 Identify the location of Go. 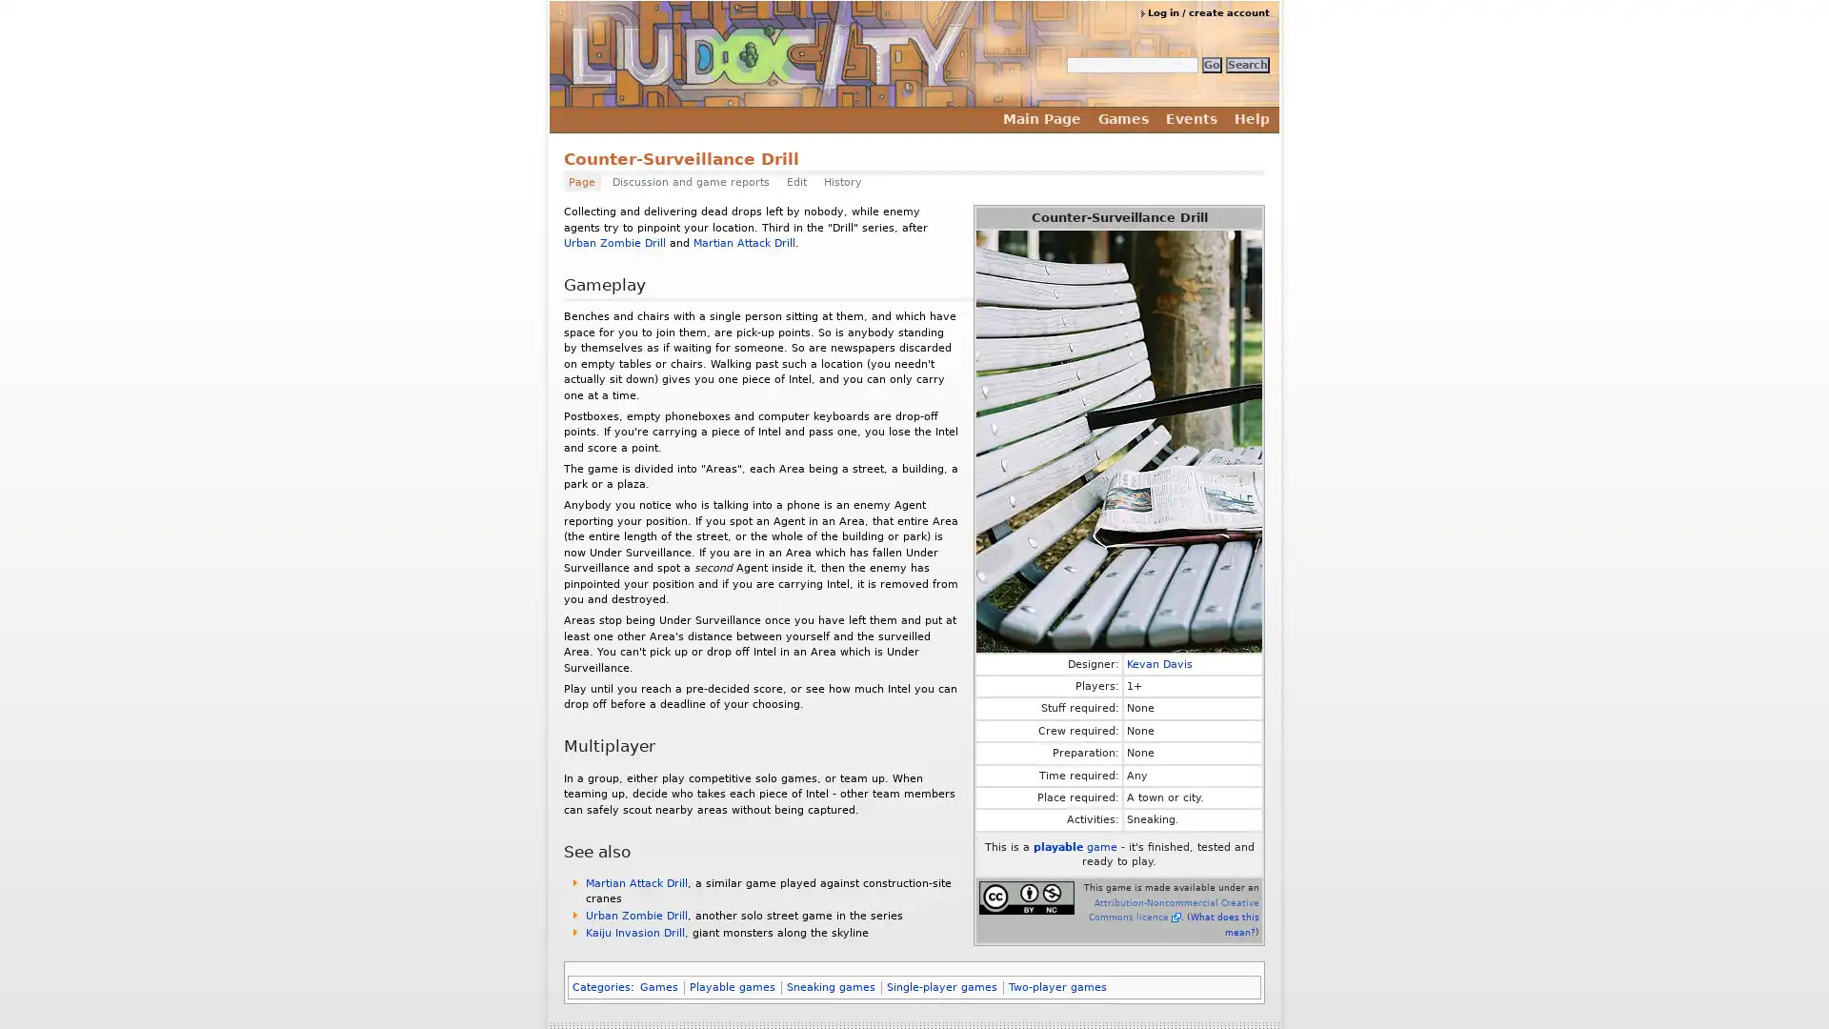
(1211, 64).